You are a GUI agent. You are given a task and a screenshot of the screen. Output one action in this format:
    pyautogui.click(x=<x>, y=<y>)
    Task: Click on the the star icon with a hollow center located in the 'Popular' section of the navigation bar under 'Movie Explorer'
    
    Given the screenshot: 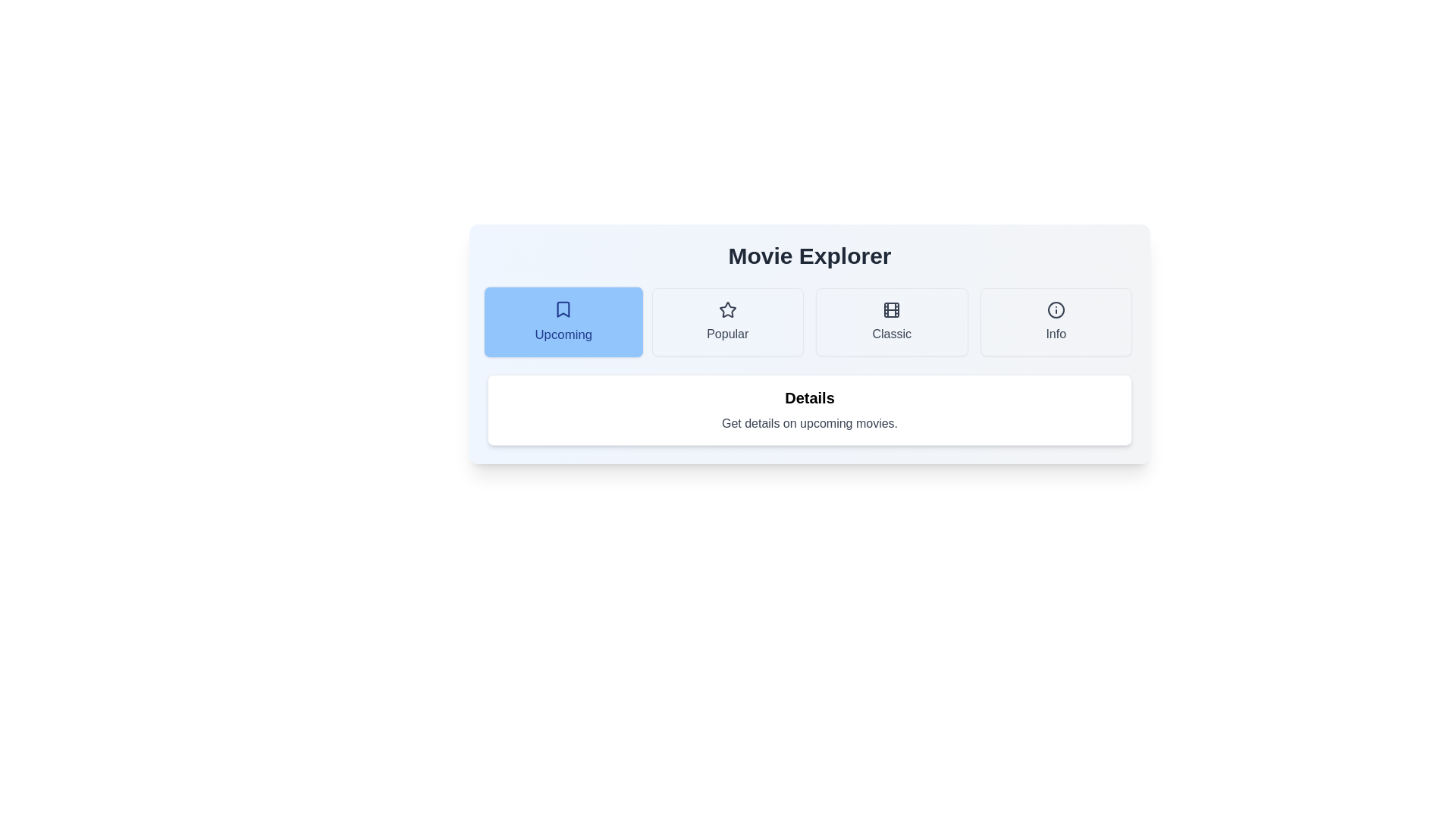 What is the action you would take?
    pyautogui.click(x=726, y=309)
    